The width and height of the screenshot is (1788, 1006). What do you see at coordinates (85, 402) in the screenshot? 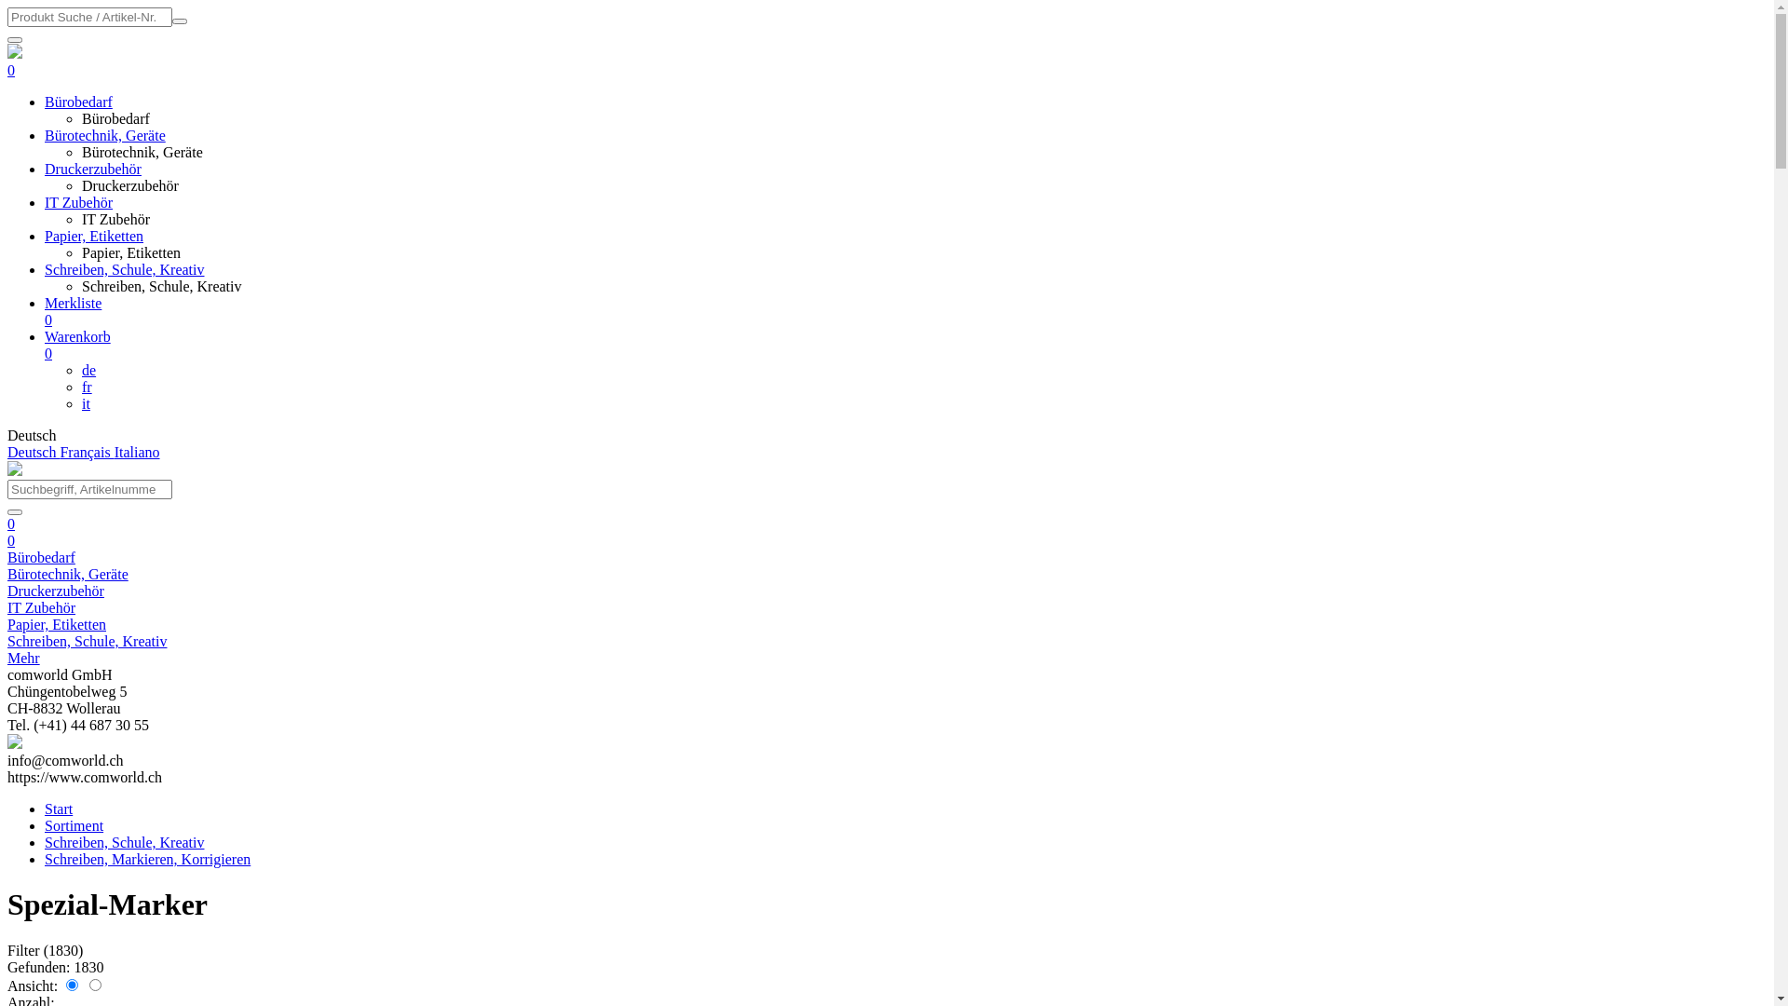
I see `'it'` at bounding box center [85, 402].